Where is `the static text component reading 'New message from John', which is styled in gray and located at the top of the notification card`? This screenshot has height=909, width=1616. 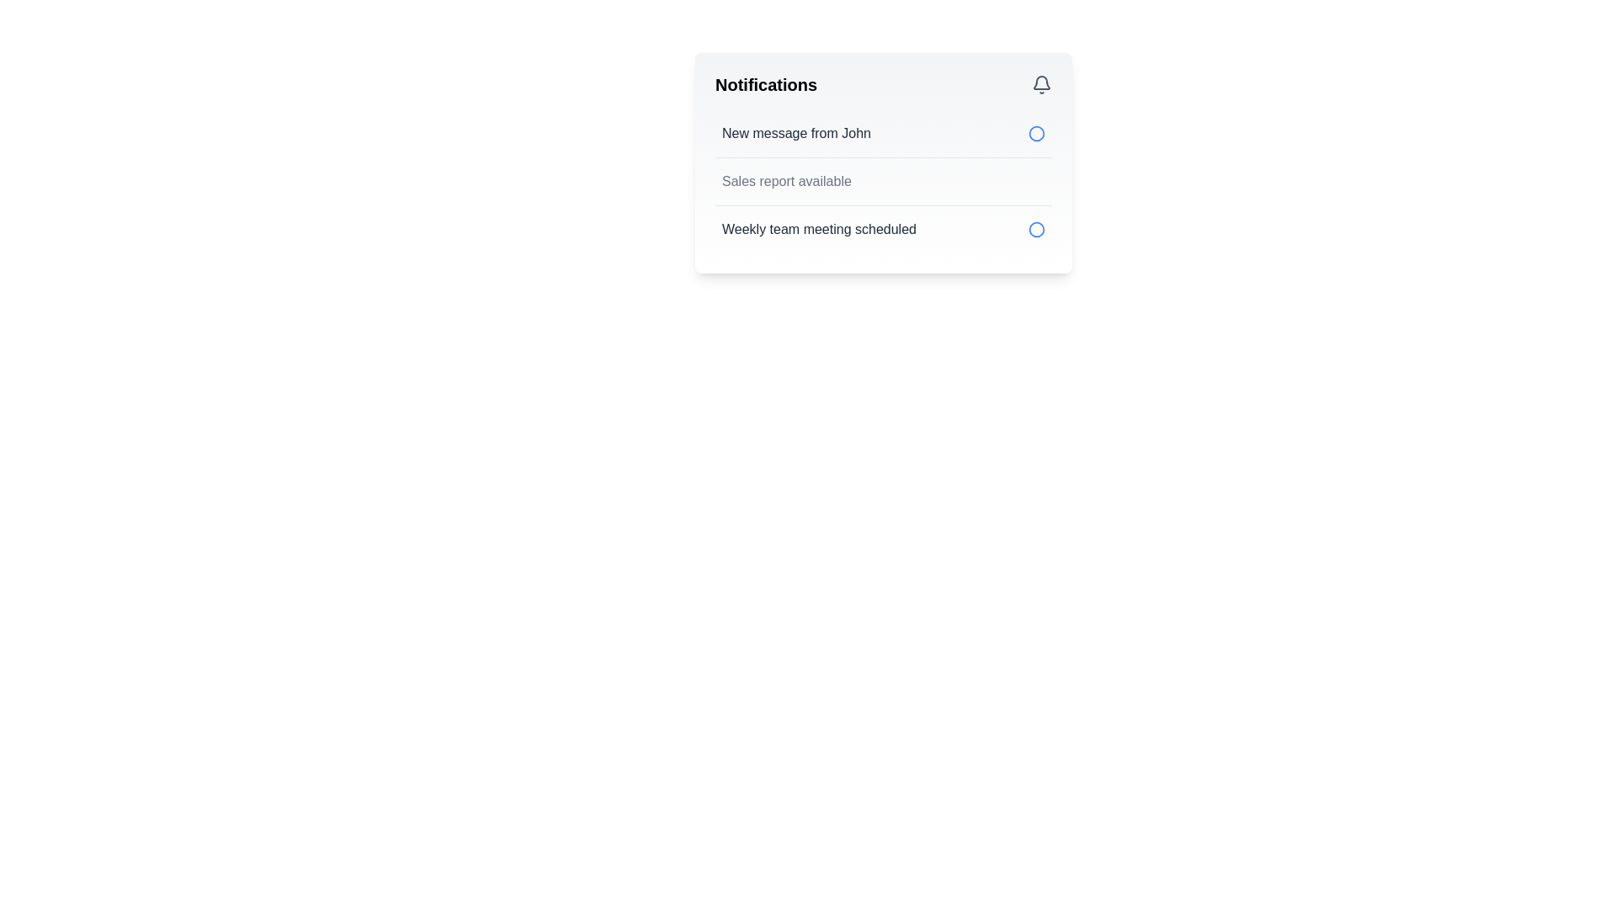
the static text component reading 'New message from John', which is styled in gray and located at the top of the notification card is located at coordinates (795, 132).